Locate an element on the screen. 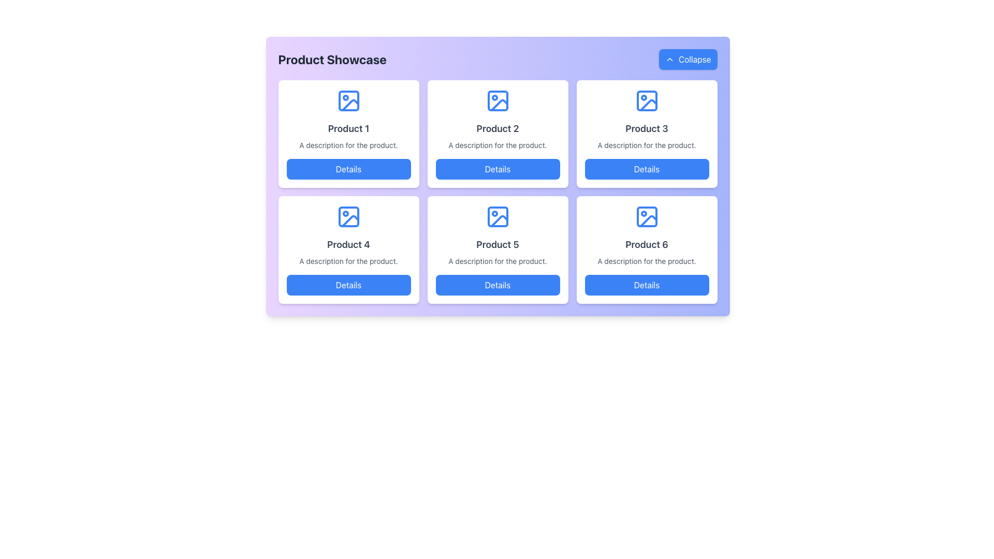 The height and width of the screenshot is (559, 994). the first card in the second row of the 2x3 grid layout, which showcases product information including a title, description, and a call-to-action button for further details is located at coordinates (348, 249).